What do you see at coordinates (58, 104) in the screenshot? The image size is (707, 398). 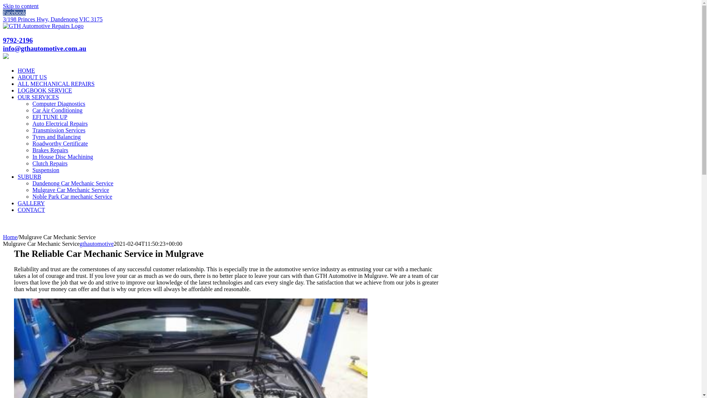 I see `'Computer Diagnostics'` at bounding box center [58, 104].